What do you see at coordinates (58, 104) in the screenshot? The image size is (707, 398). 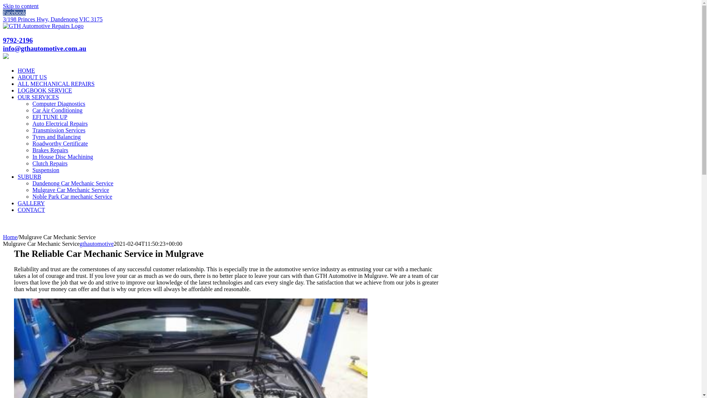 I see `'Computer Diagnostics'` at bounding box center [58, 104].